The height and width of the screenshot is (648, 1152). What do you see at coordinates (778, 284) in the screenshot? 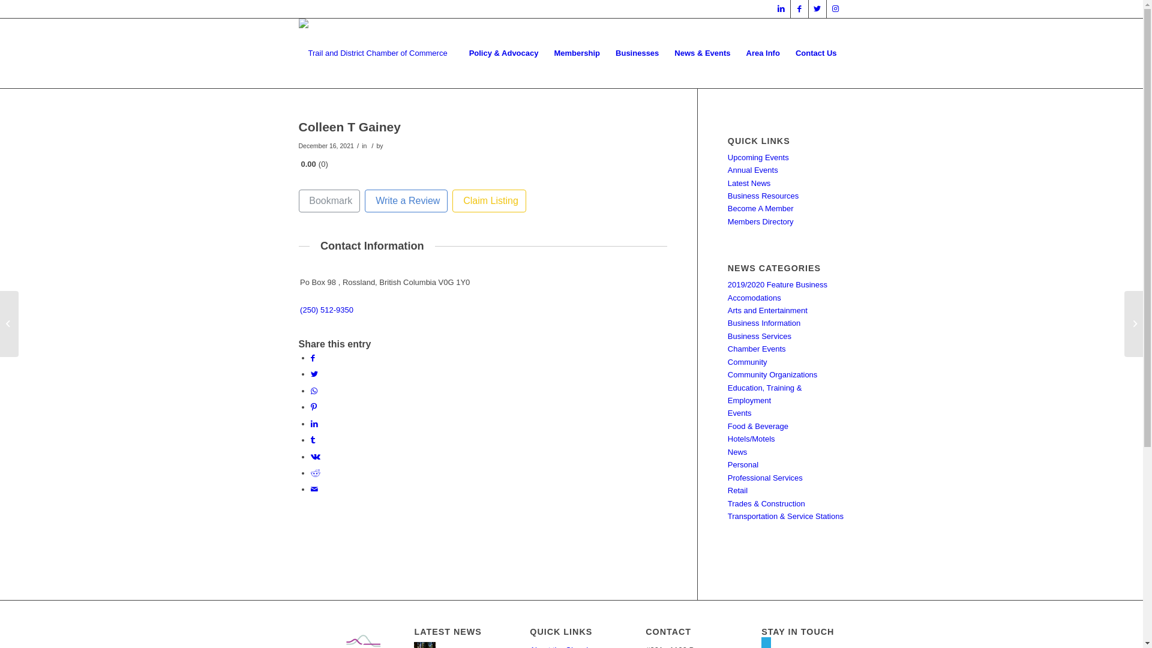
I see `'2019/2020 Feature Business'` at bounding box center [778, 284].